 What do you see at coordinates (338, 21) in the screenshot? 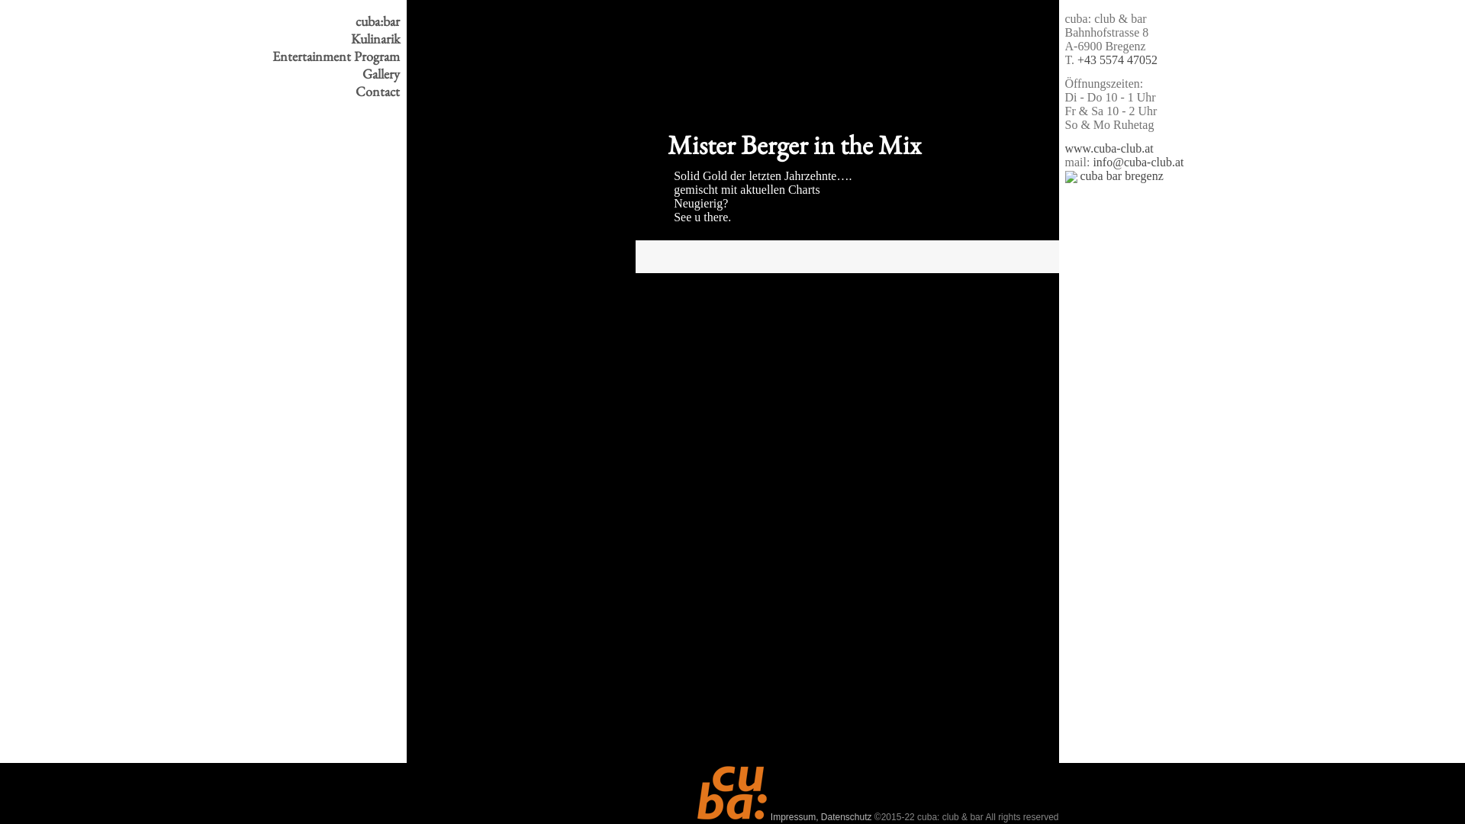
I see `'cuba:bar'` at bounding box center [338, 21].